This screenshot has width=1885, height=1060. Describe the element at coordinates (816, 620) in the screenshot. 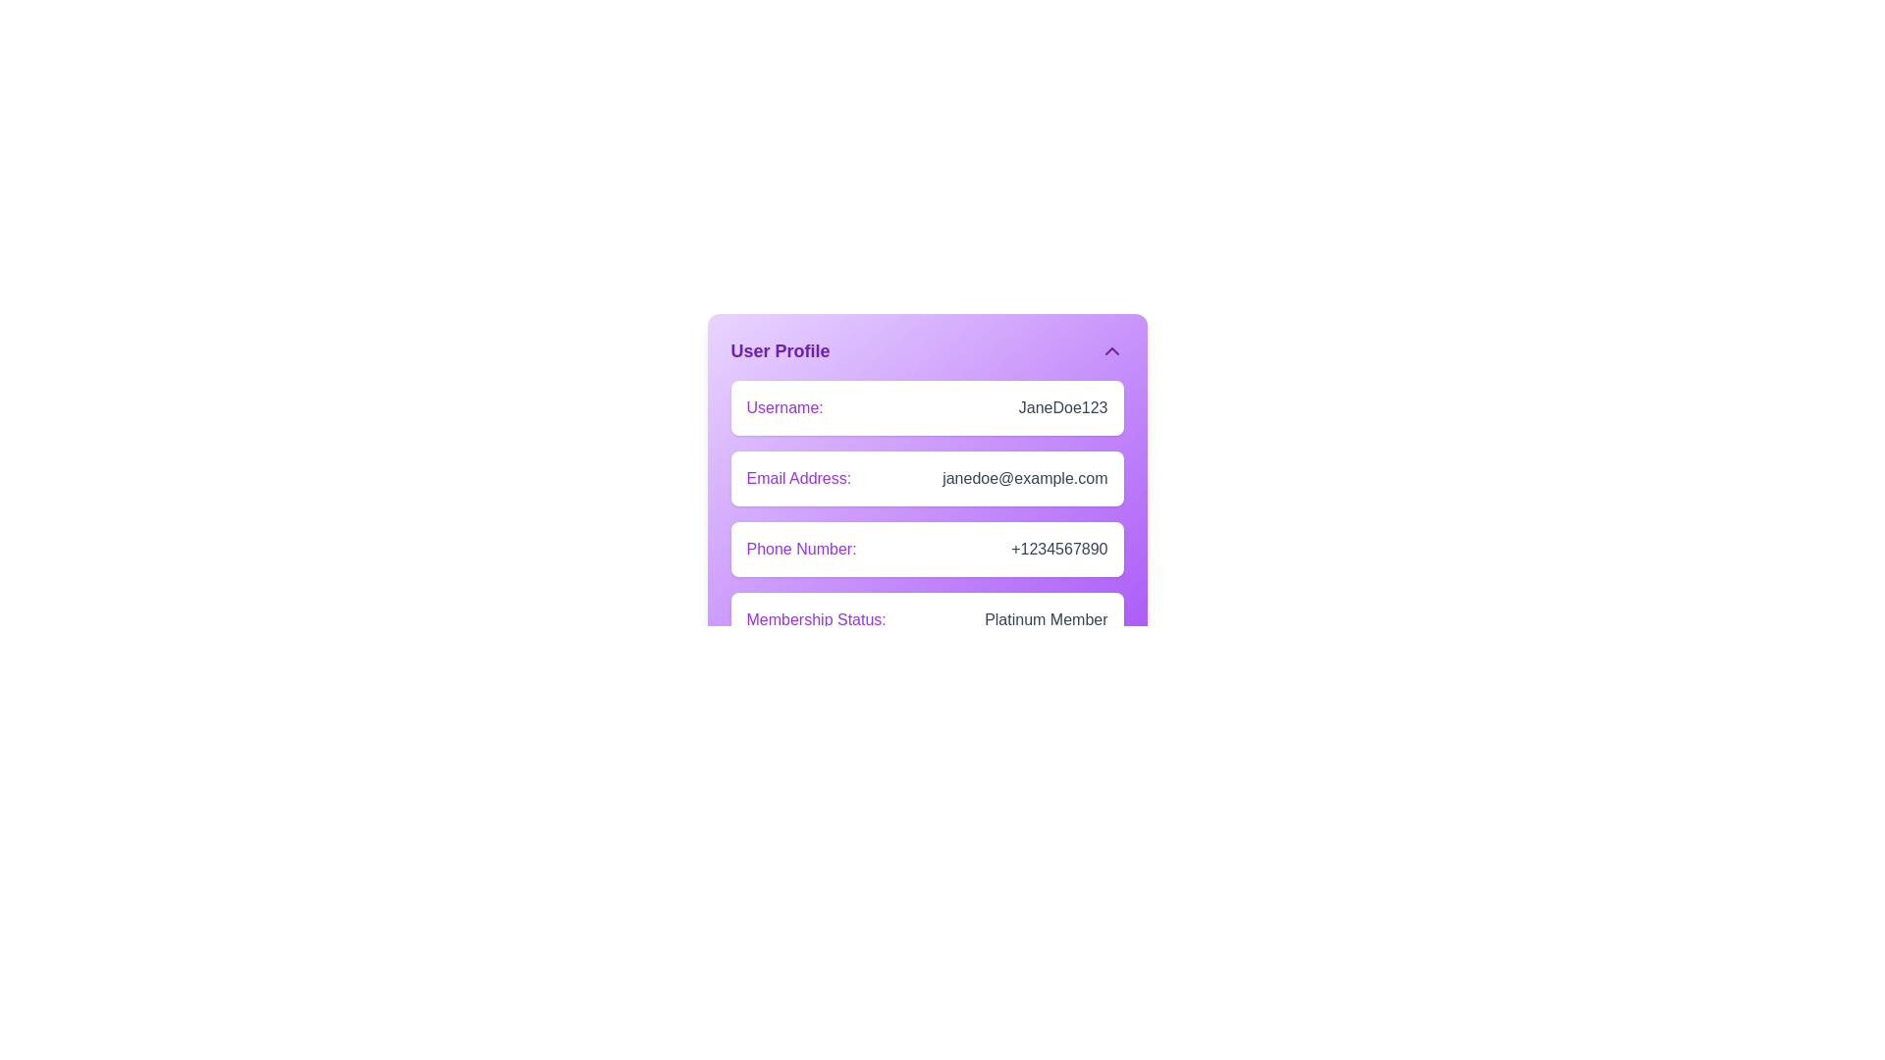

I see `the descriptive text label for the membership status located on the left side of the row adjacent to 'Platinum Member'` at that location.